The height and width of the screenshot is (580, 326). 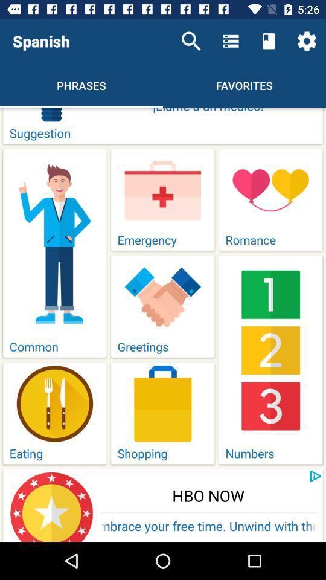 I want to click on embrace your free, so click(x=208, y=527).